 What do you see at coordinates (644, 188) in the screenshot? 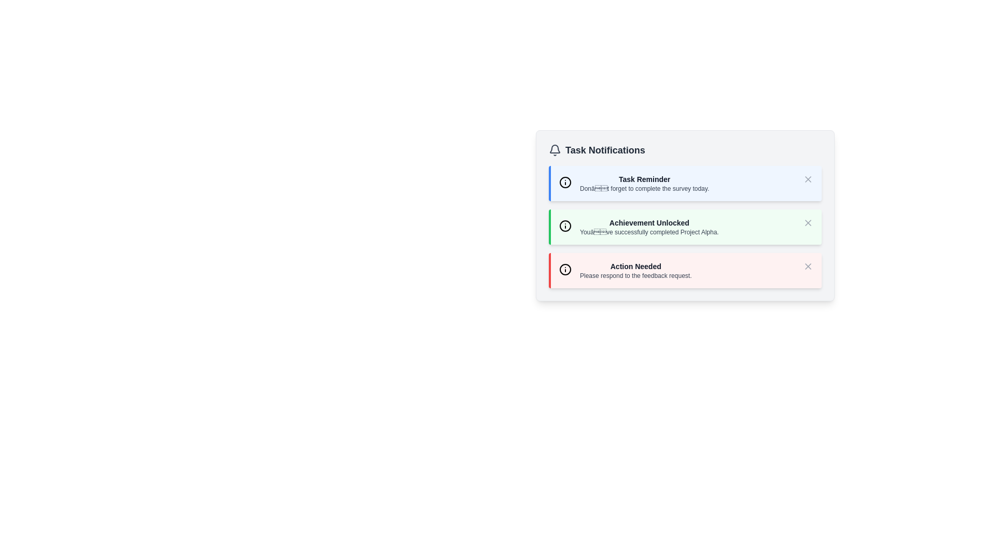
I see `the Text Label located below the 'Task Reminder' in the notification panel` at bounding box center [644, 188].